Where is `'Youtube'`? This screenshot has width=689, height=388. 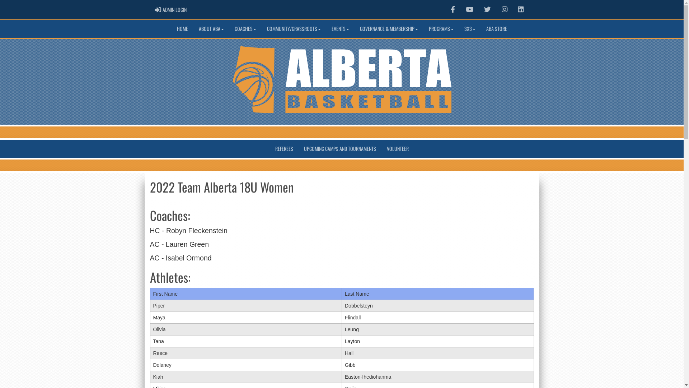 'Youtube' is located at coordinates (469, 10).